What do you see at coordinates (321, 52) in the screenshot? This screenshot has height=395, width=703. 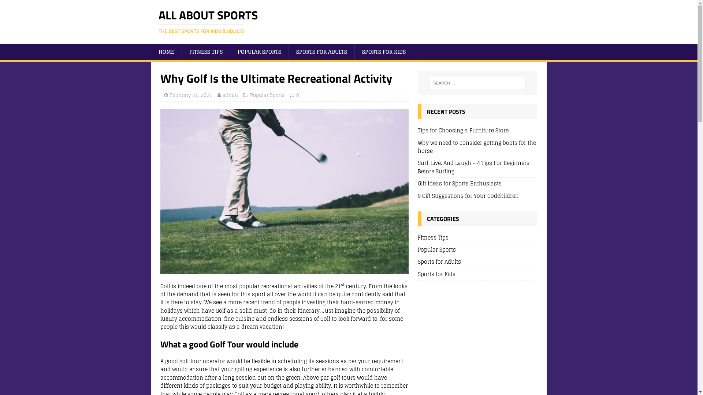 I see `'SPORTS FOR ADULTS'` at bounding box center [321, 52].